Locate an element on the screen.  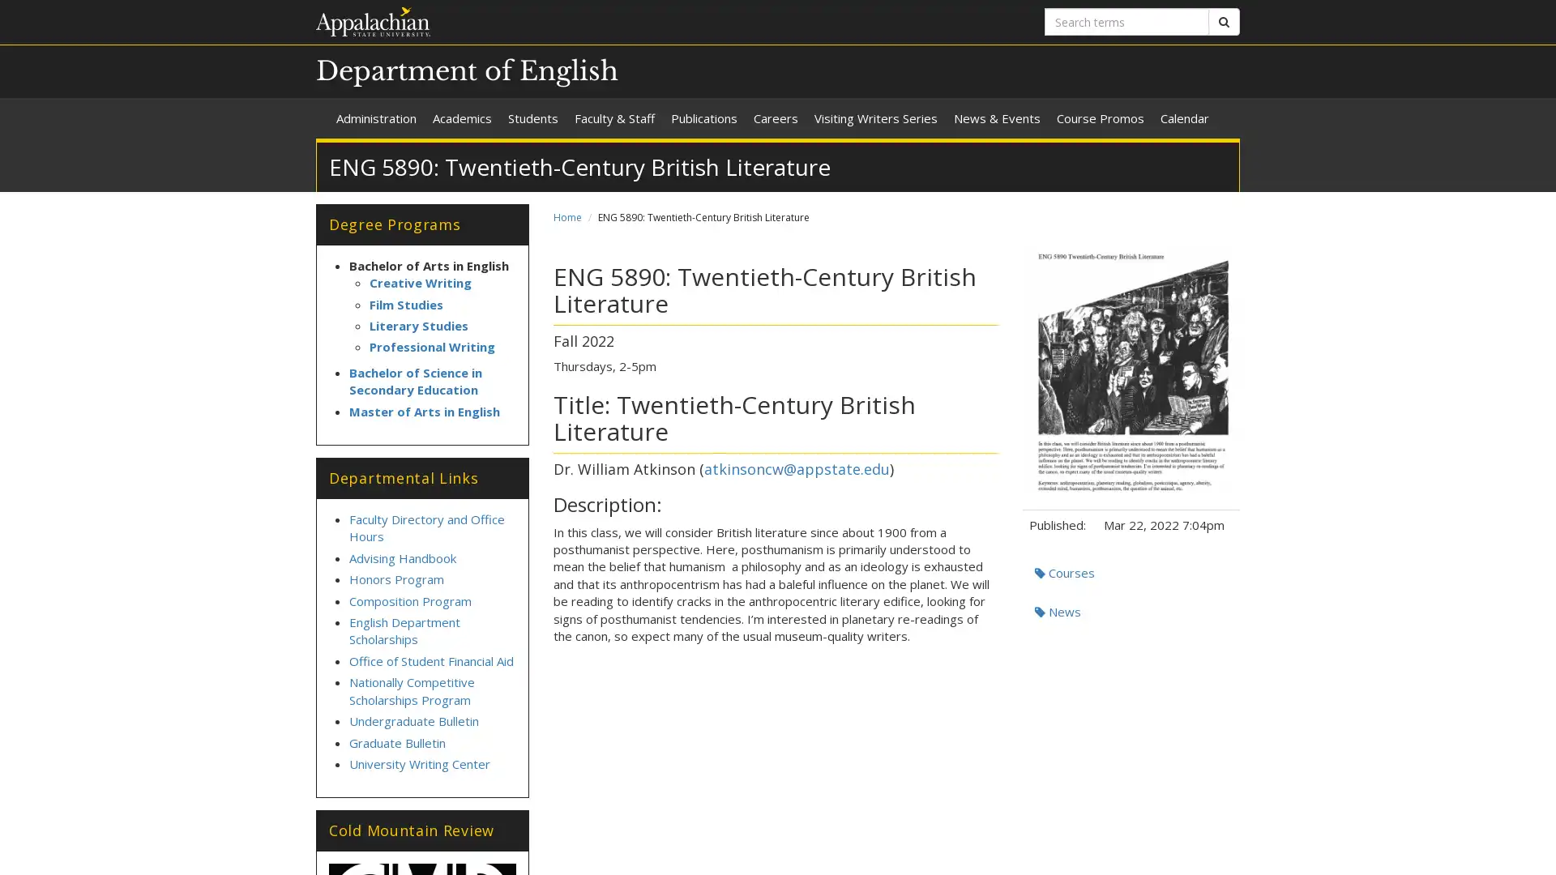
Search is located at coordinates (1224, 22).